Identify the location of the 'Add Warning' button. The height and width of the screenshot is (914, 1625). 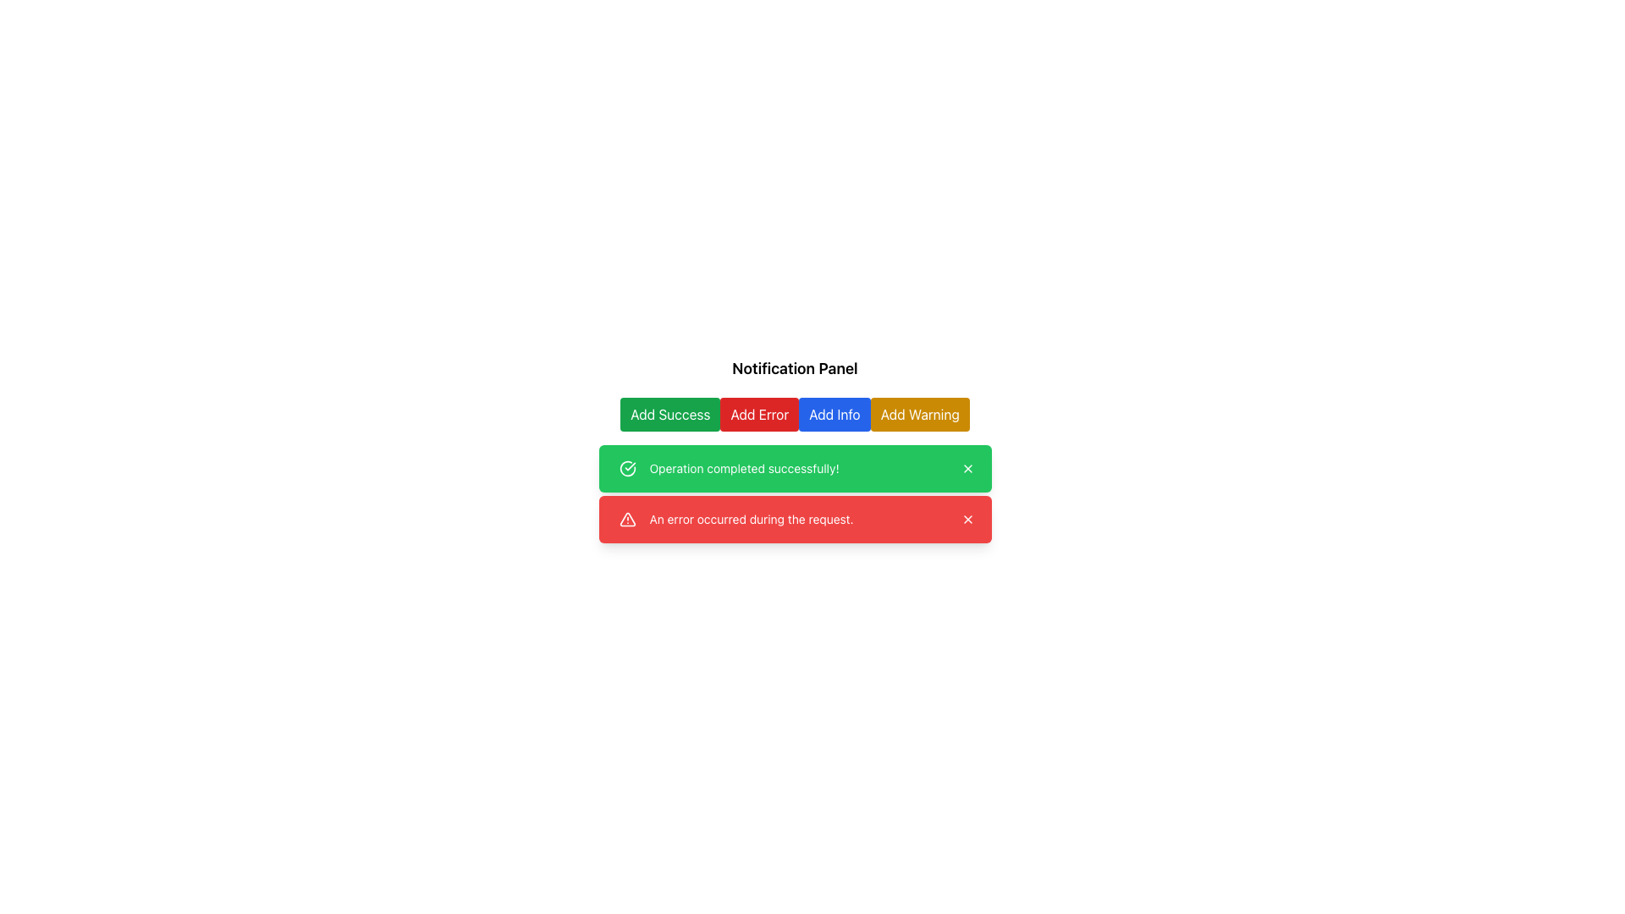
(919, 414).